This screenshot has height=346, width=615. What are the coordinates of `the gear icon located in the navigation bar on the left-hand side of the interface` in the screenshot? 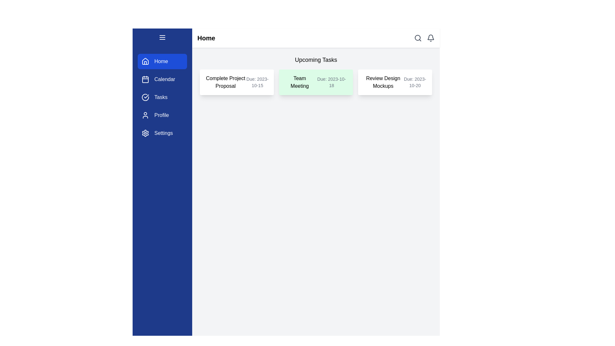 It's located at (145, 133).